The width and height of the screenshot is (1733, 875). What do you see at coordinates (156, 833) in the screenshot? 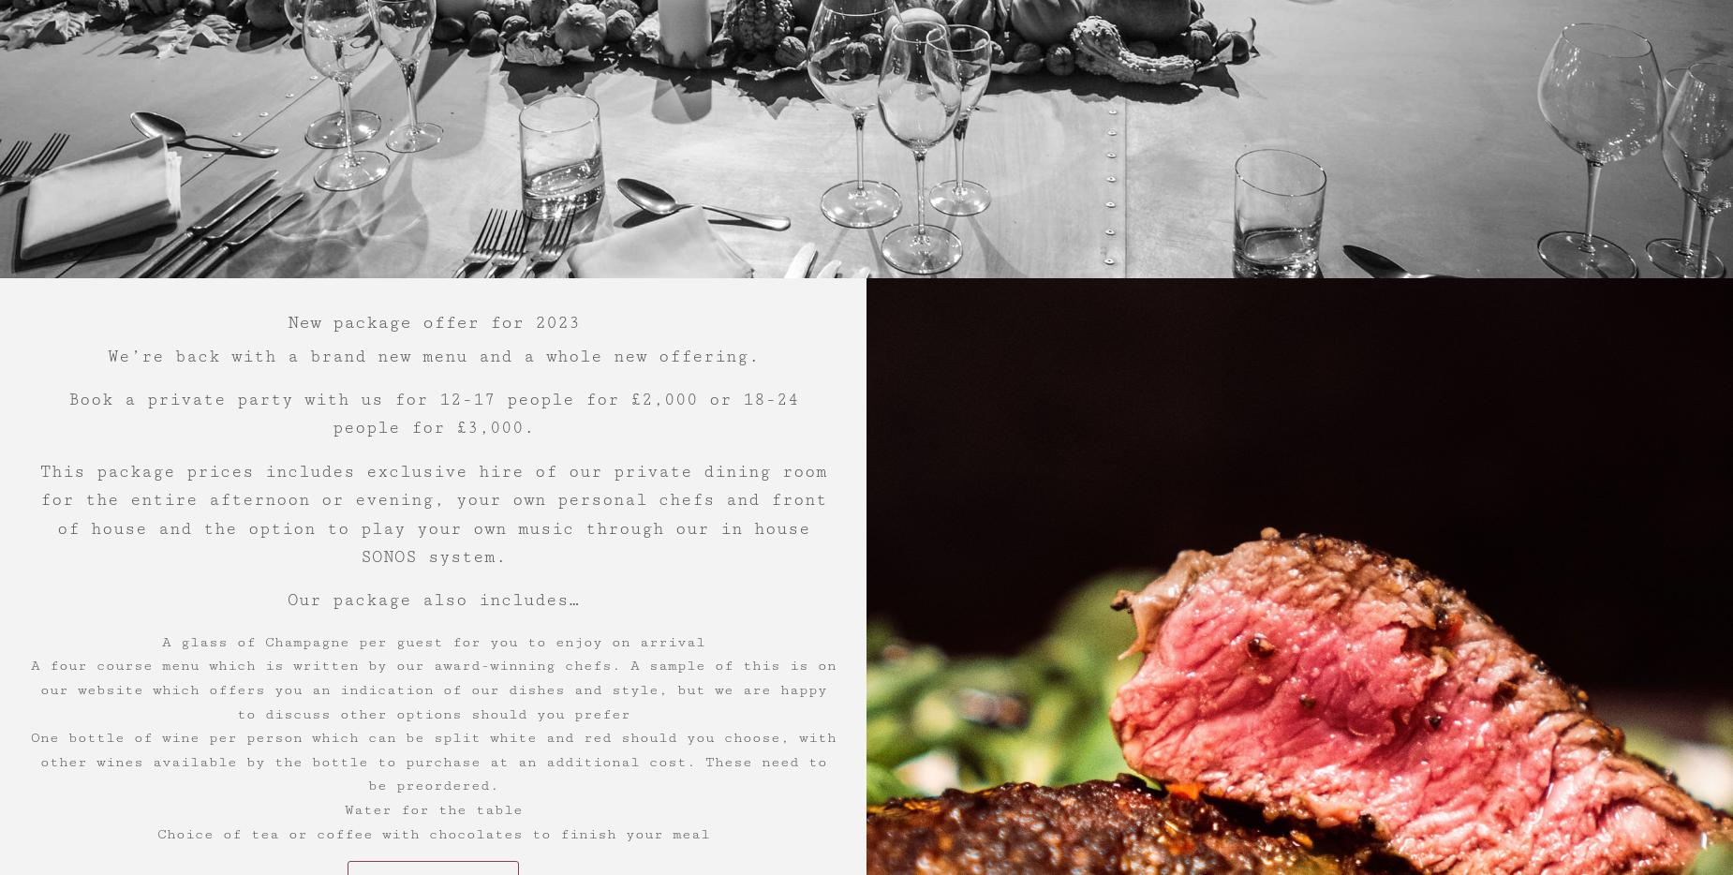
I see `'Choice of tea or coffee with chocolates to finish your meal'` at bounding box center [156, 833].